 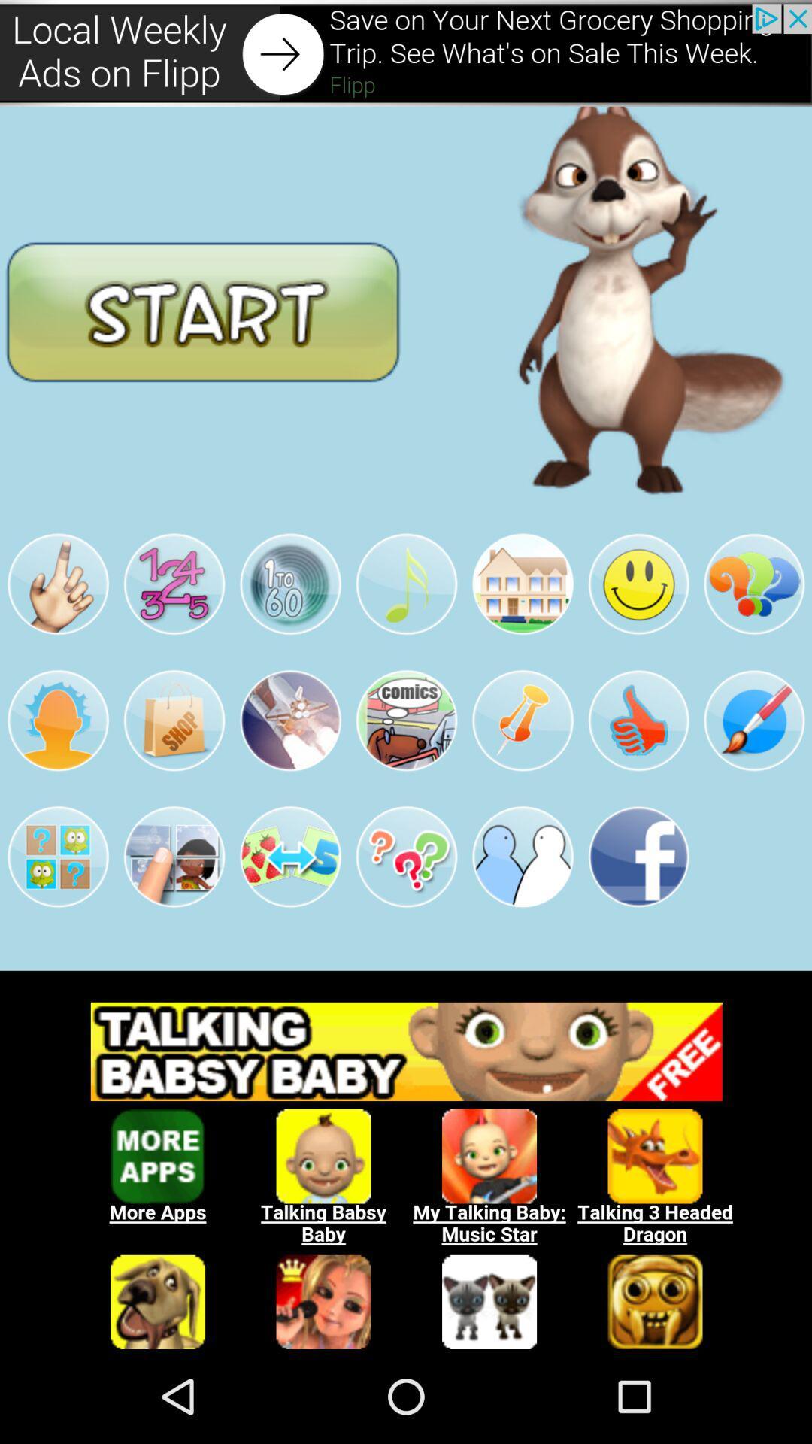 I want to click on the swap icon, so click(x=290, y=916).